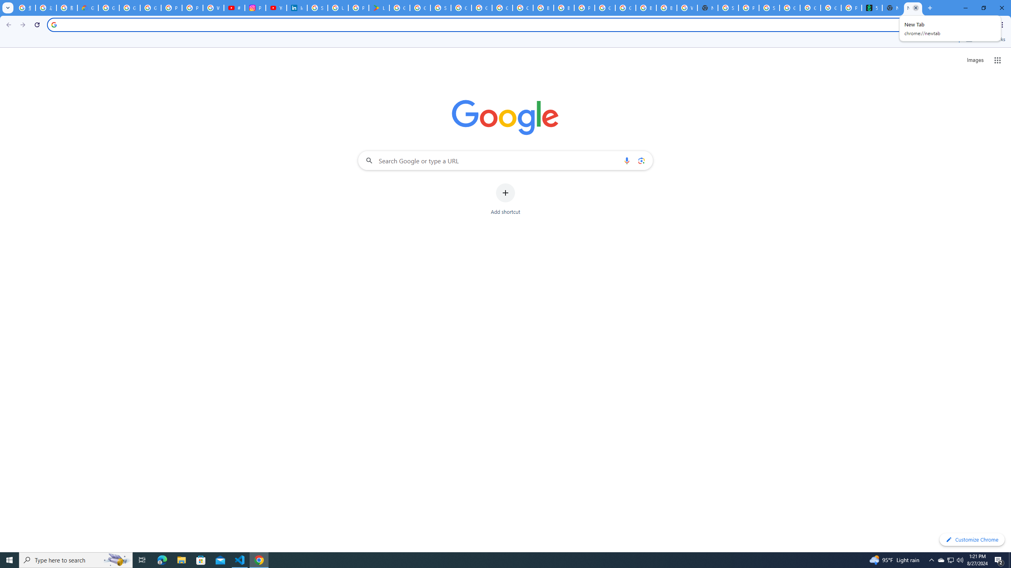  I want to click on 'Customize Chrome', so click(972, 539).